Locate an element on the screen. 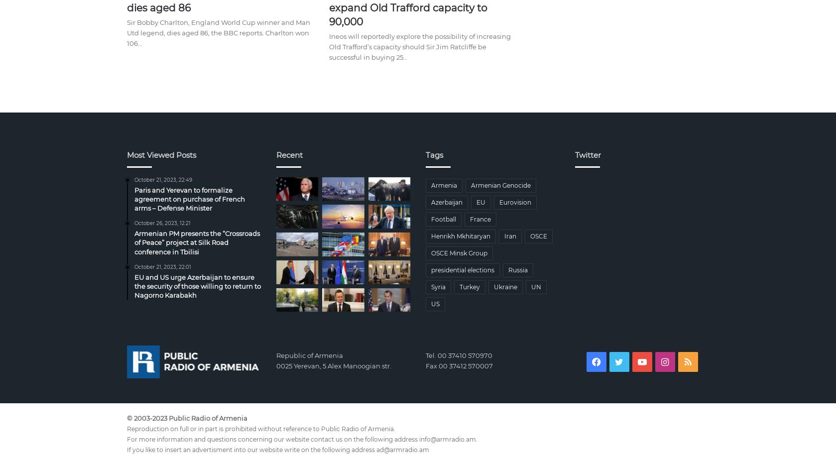 Image resolution: width=836 pixels, height=464 pixels. 'Armenia' is located at coordinates (430, 184).